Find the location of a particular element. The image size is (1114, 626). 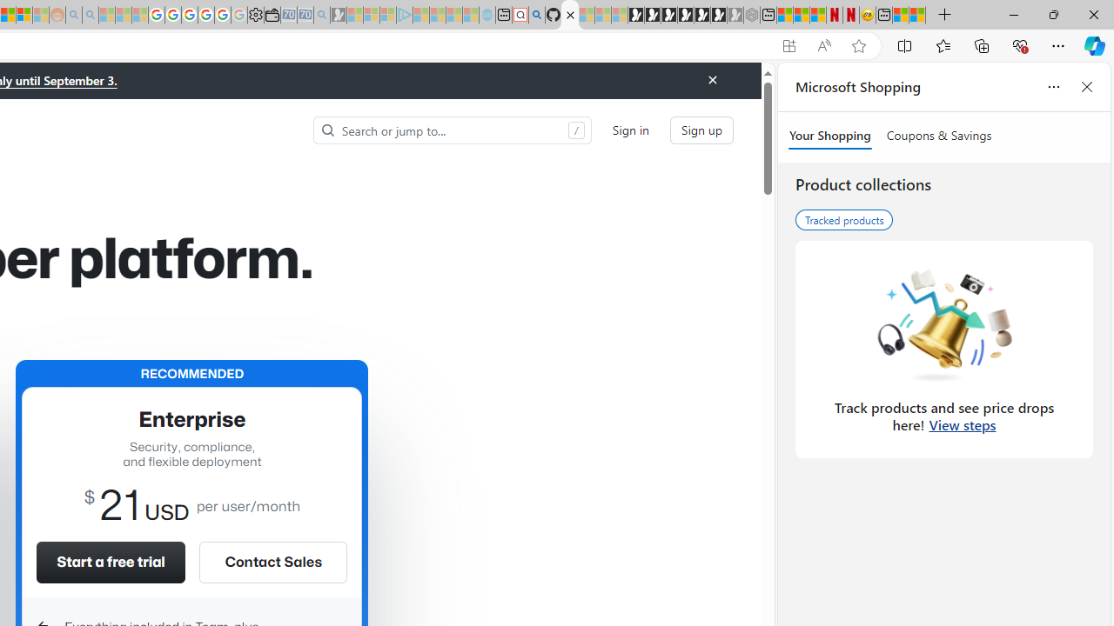

'github - Search' is located at coordinates (535, 15).